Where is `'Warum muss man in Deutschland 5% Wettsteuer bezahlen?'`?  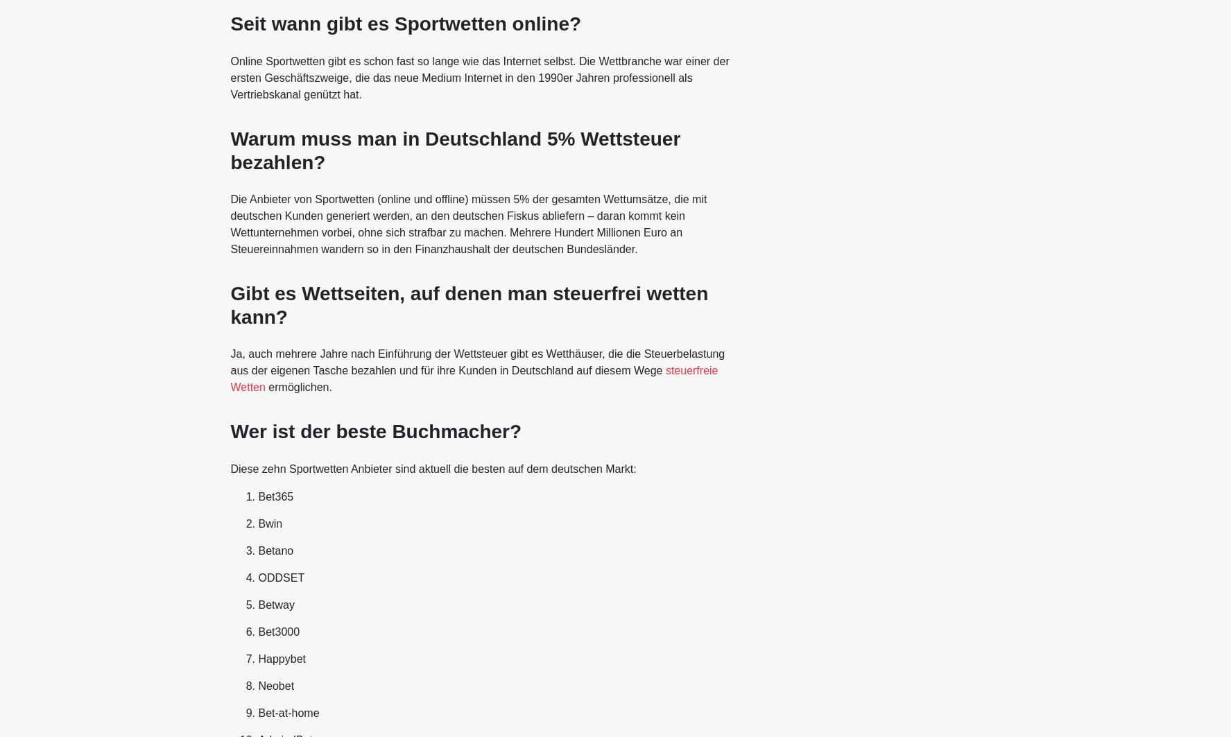
'Warum muss man in Deutschland 5% Wettsteuer bezahlen?' is located at coordinates (229, 150).